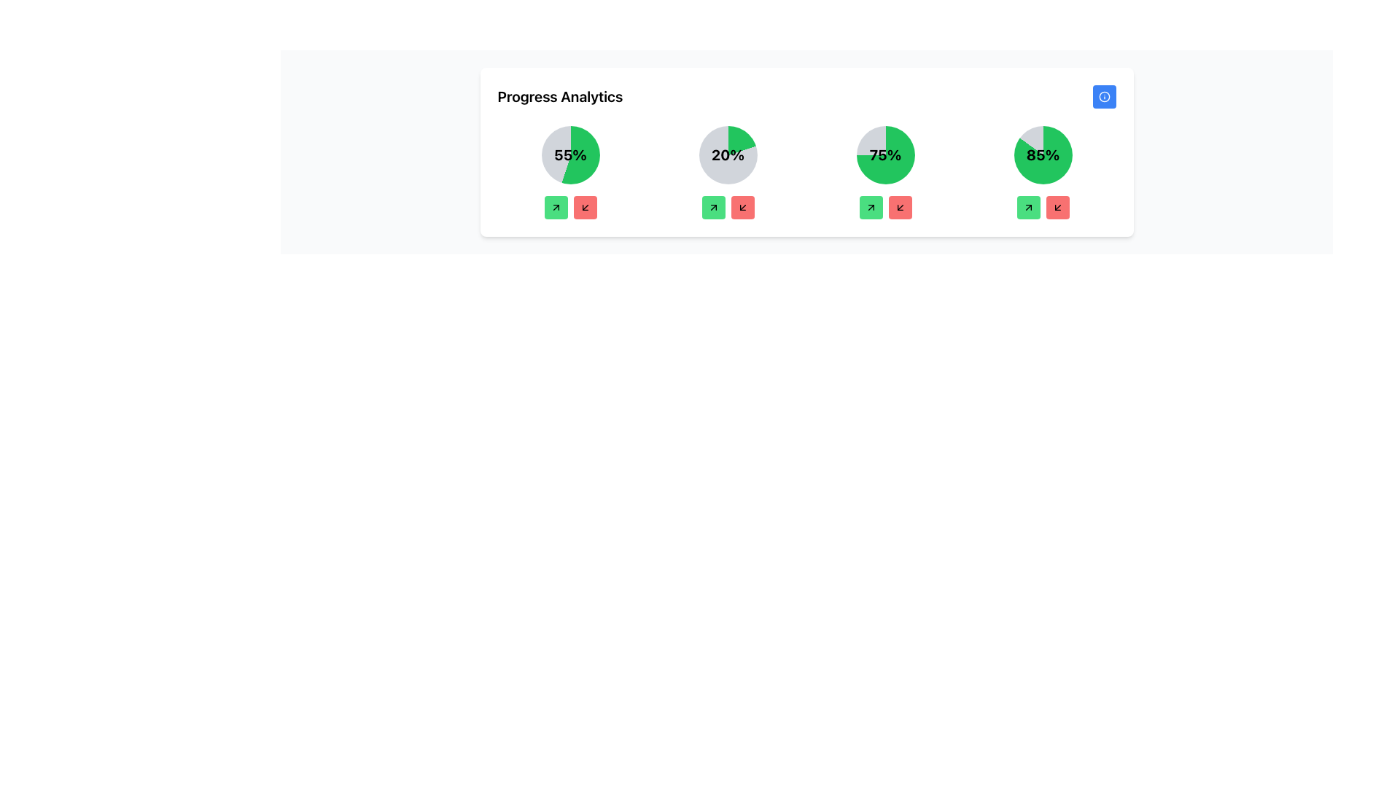  I want to click on the displayed percentage on the Circular Progress Indicator labeled '55%', which is visually represented with a green and gray segmented background, so click(569, 171).